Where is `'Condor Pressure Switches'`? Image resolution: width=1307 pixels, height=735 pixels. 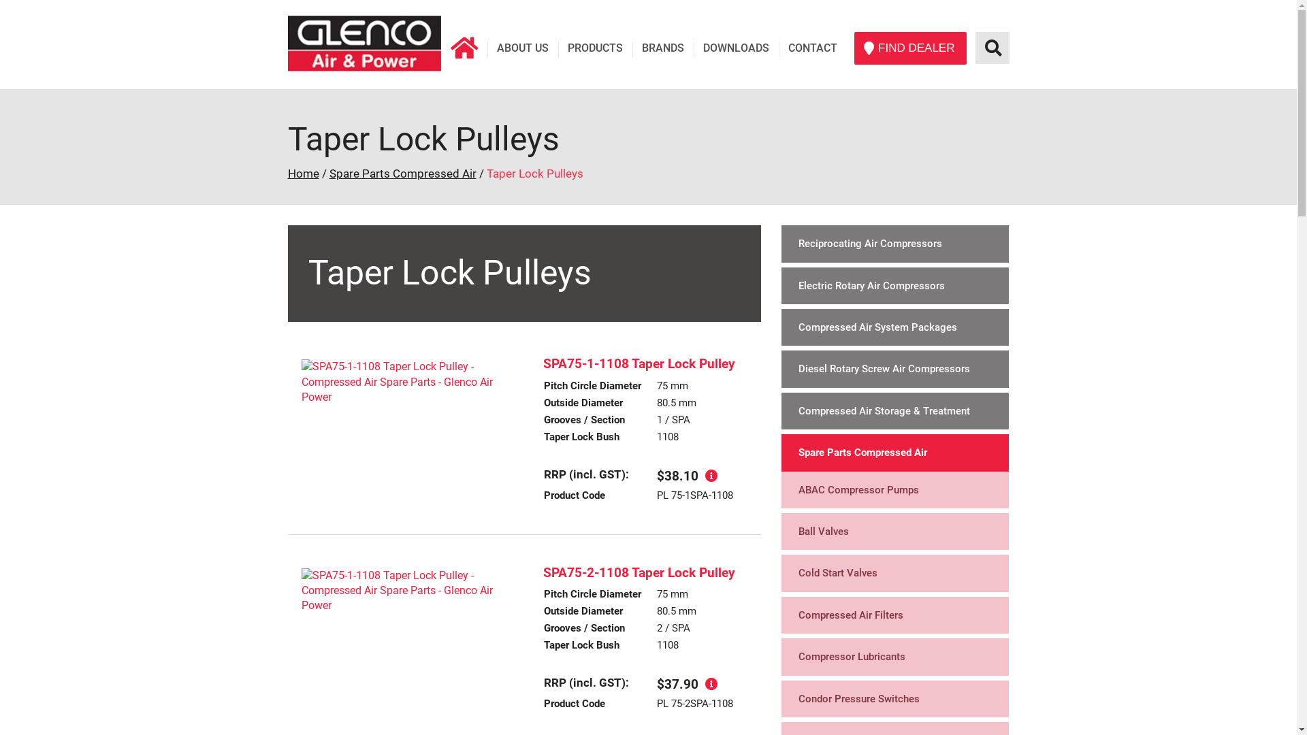 'Condor Pressure Switches' is located at coordinates (895, 698).